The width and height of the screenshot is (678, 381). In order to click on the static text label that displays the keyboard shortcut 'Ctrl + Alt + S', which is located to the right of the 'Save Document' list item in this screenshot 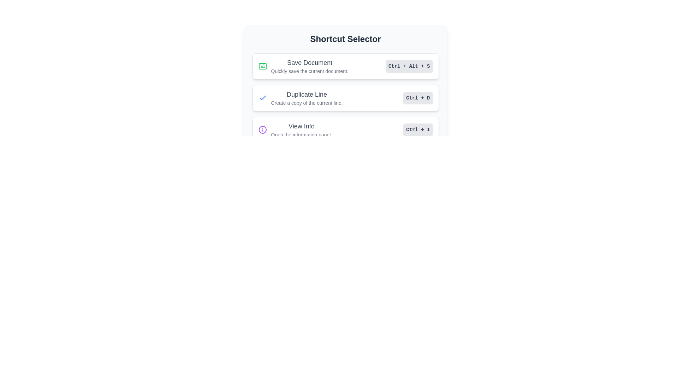, I will do `click(409, 66)`.